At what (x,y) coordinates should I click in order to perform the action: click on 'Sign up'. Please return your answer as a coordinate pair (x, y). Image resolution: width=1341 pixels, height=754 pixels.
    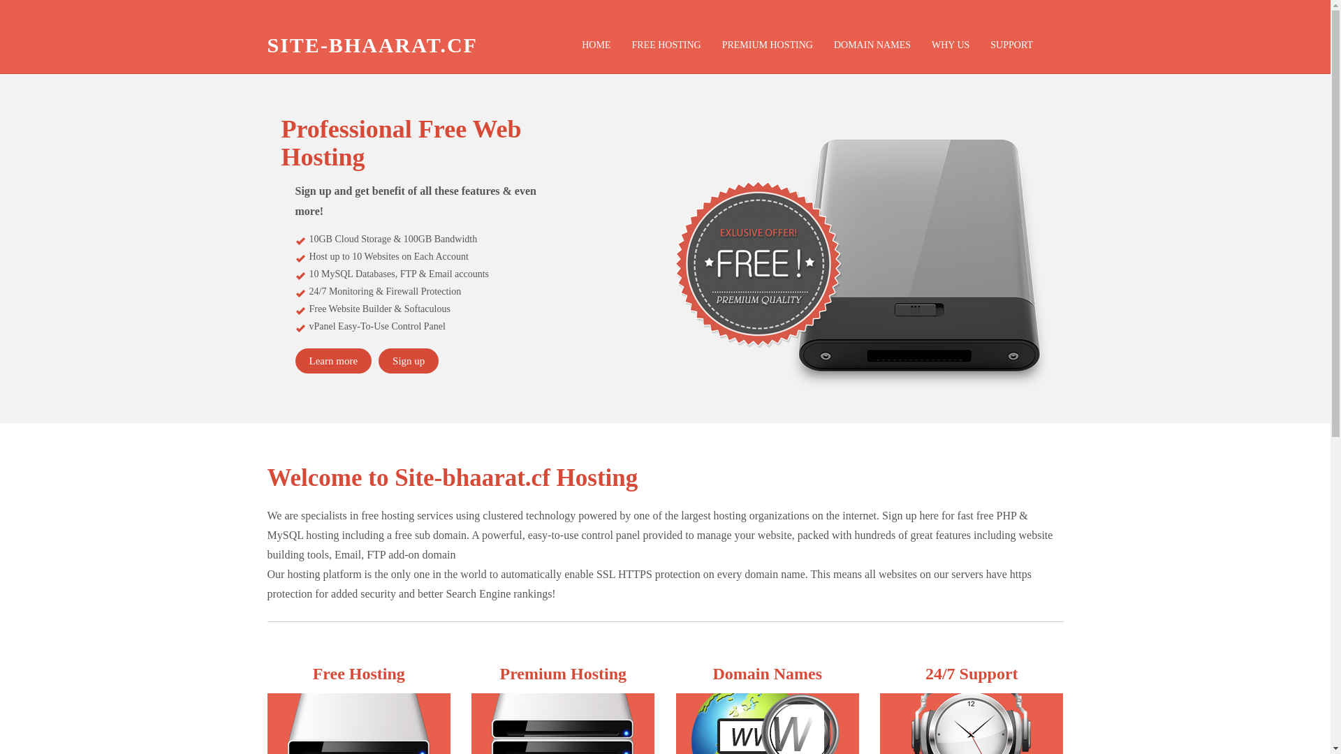
    Looking at the image, I should click on (408, 360).